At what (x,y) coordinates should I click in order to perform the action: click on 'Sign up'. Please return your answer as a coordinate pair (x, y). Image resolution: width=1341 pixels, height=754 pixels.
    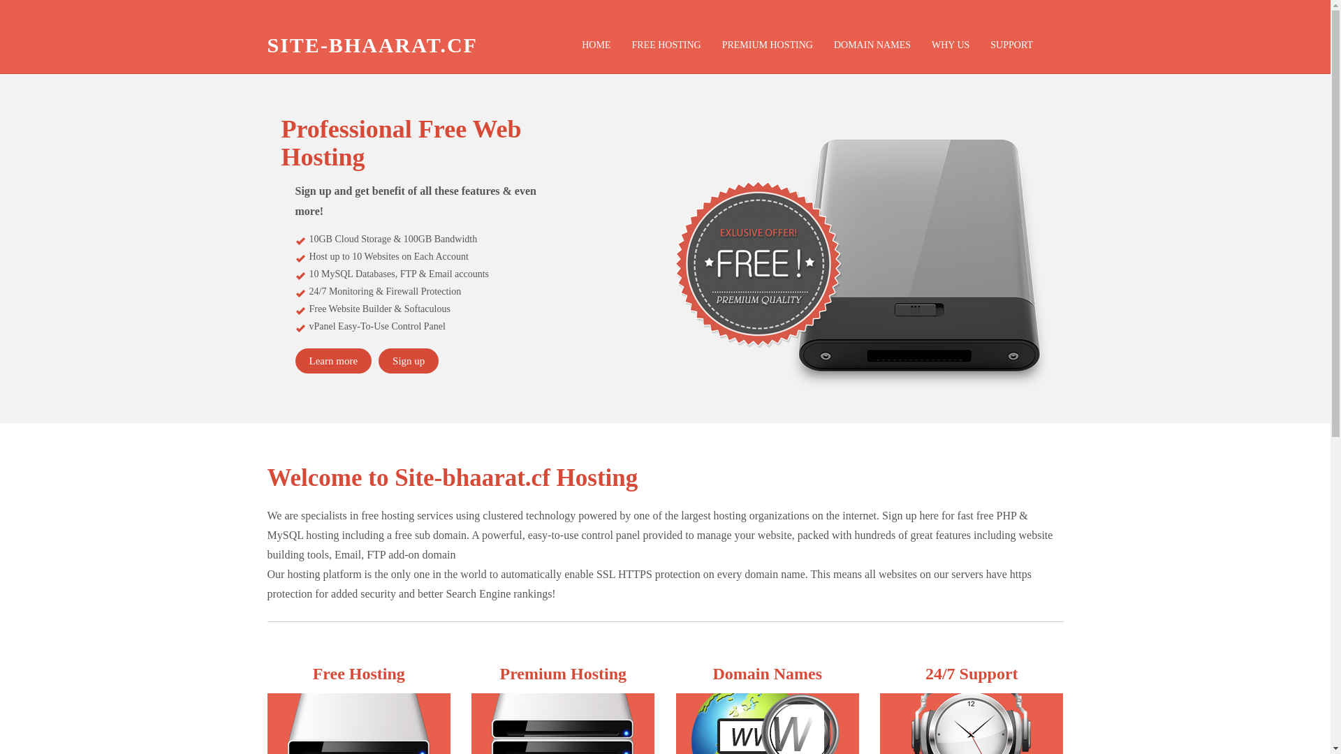
    Looking at the image, I should click on (408, 360).